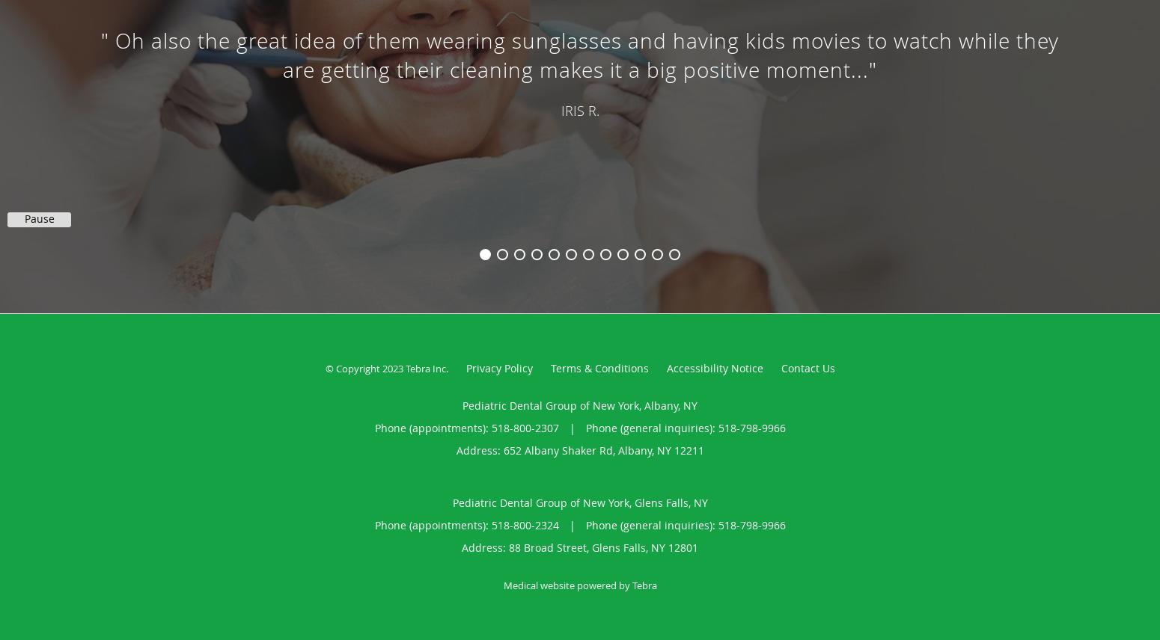 The width and height of the screenshot is (1160, 640). Describe the element at coordinates (579, 584) in the screenshot. I see `'Medical website powered by Tebra'` at that location.